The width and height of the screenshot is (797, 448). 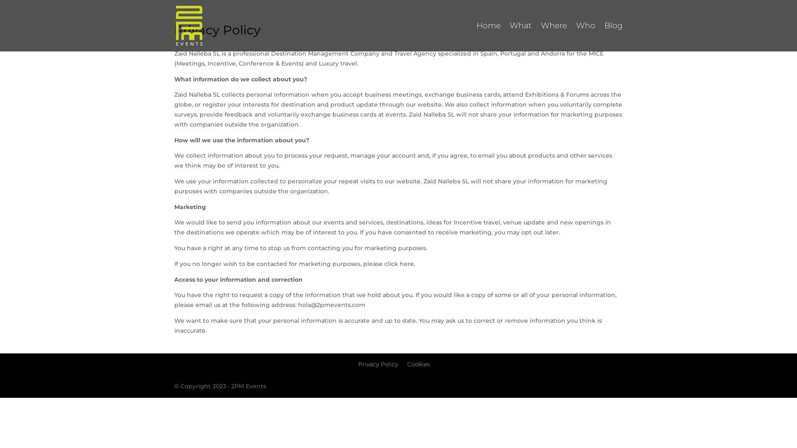 What do you see at coordinates (554, 37) in the screenshot?
I see `'Where'` at bounding box center [554, 37].